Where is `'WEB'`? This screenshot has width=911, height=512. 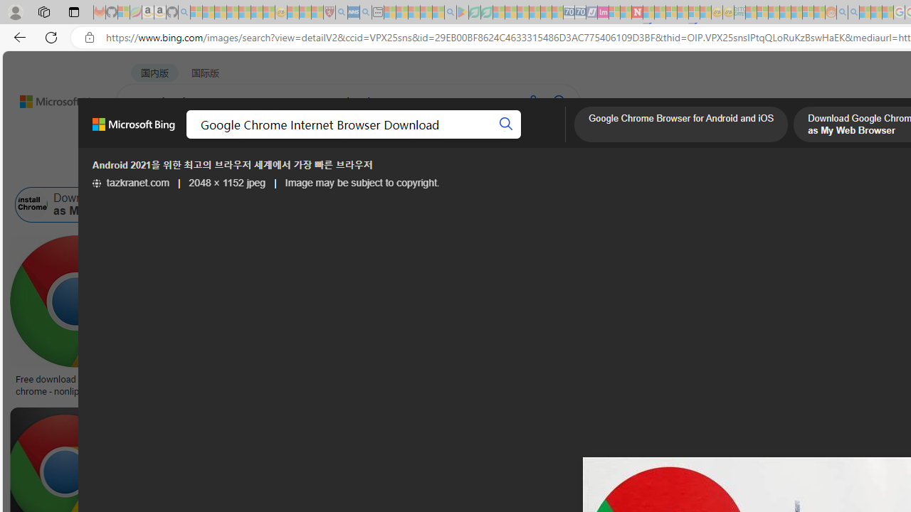
'WEB' is located at coordinates (143, 139).